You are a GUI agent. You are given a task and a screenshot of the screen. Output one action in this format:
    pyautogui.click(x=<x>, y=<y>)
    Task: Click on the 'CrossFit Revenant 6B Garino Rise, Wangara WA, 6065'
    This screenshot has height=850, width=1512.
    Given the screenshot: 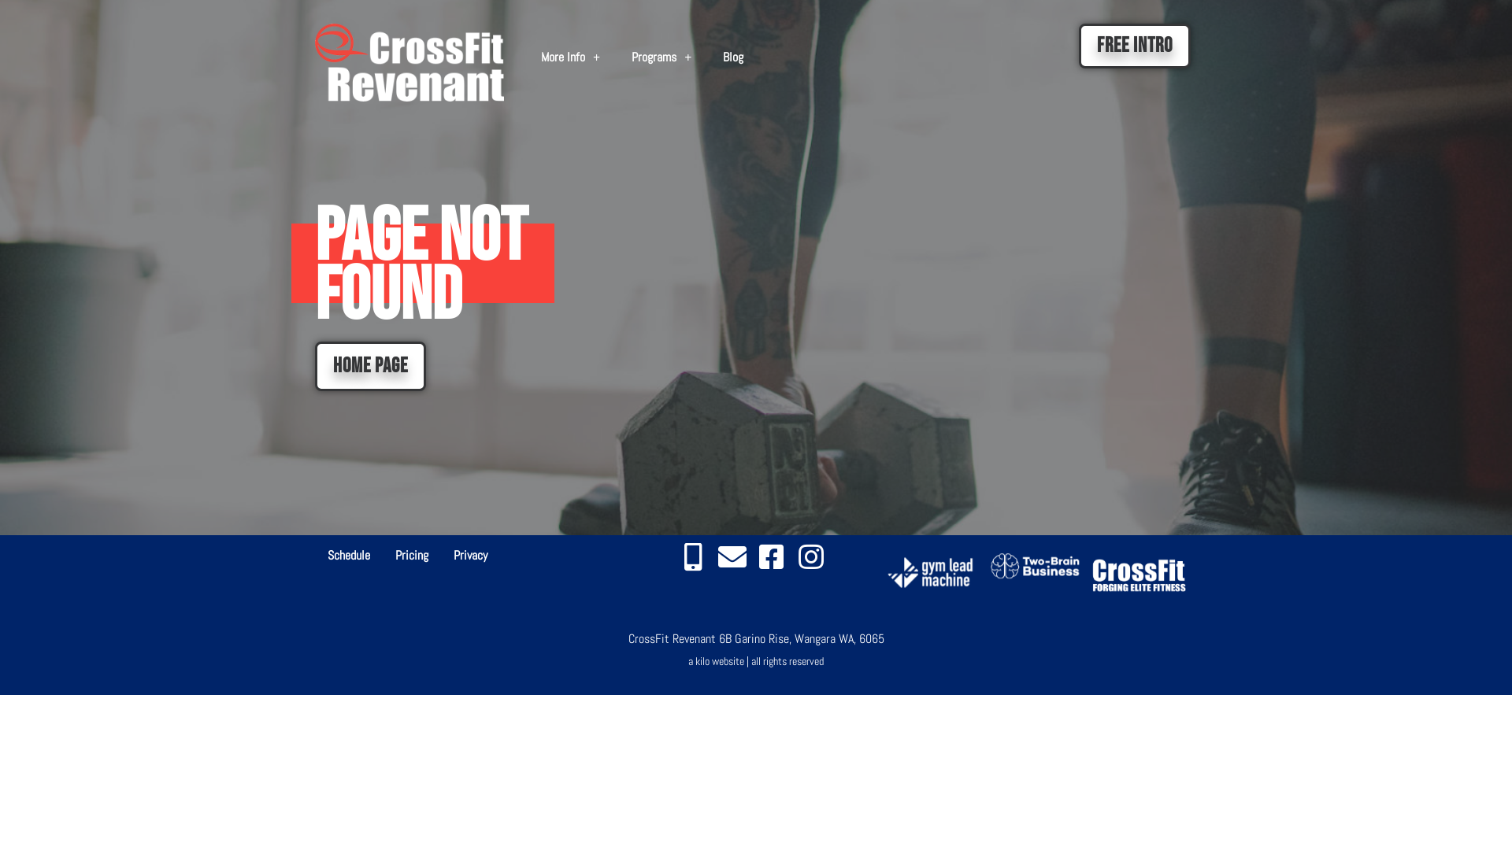 What is the action you would take?
    pyautogui.click(x=756, y=638)
    